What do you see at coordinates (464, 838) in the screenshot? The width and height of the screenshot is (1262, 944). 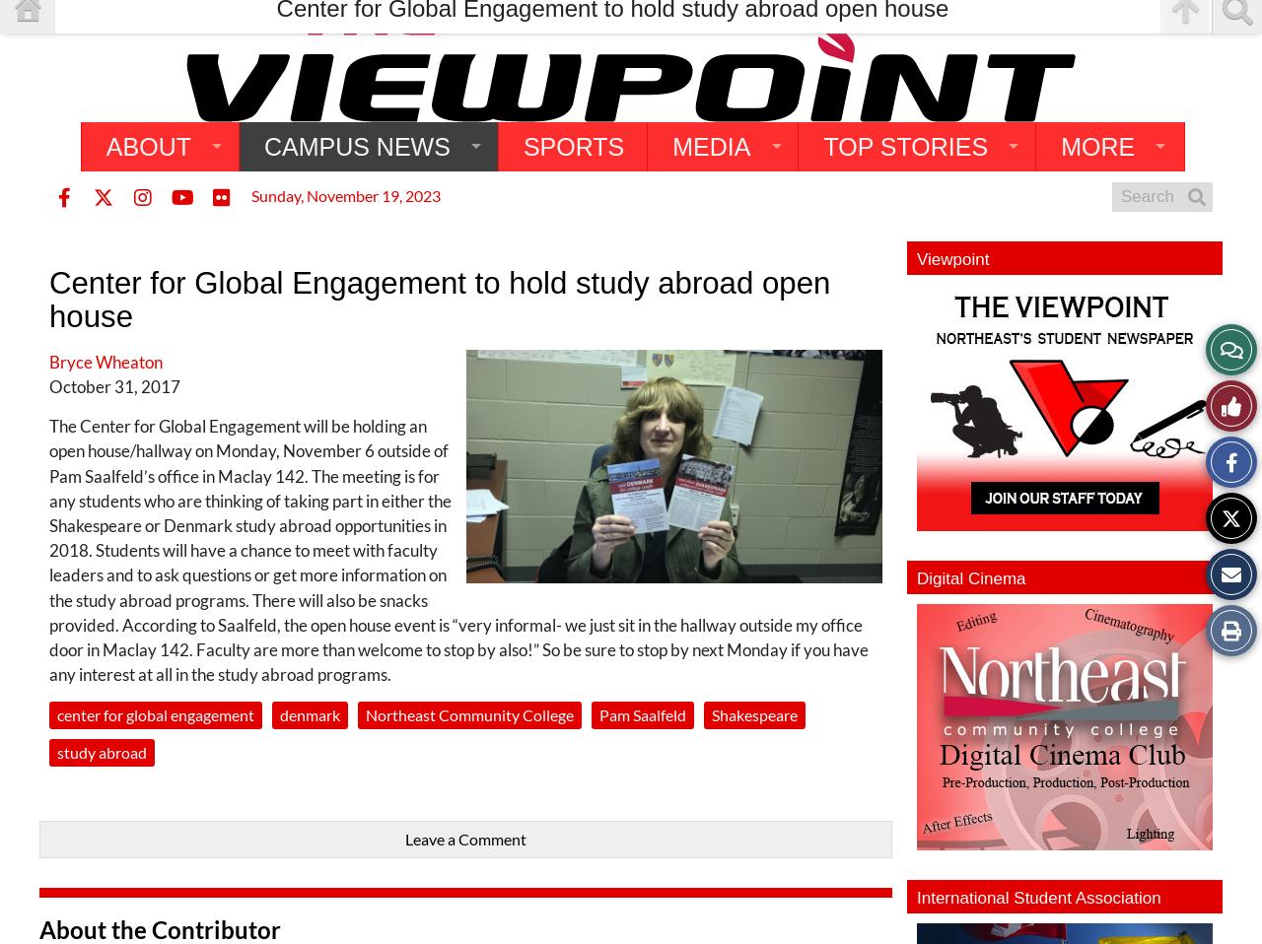 I see `'Leave a Comment'` at bounding box center [464, 838].